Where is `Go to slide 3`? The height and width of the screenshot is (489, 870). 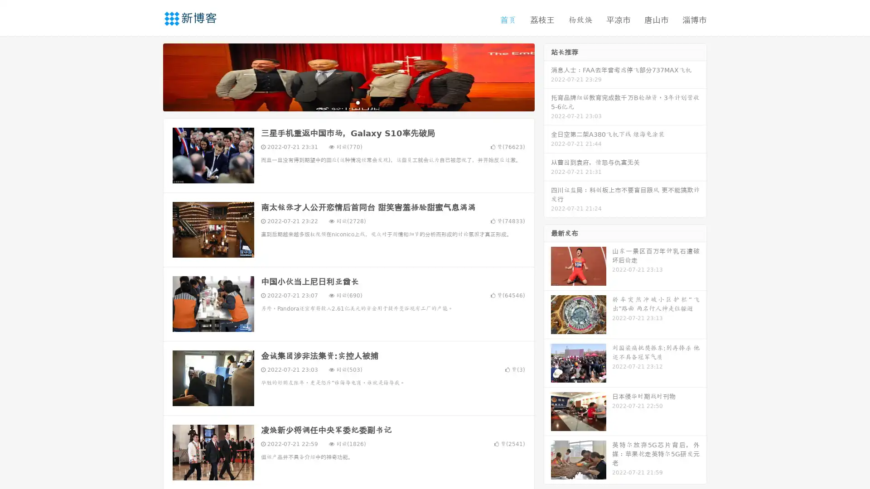
Go to slide 3 is located at coordinates (358, 102).